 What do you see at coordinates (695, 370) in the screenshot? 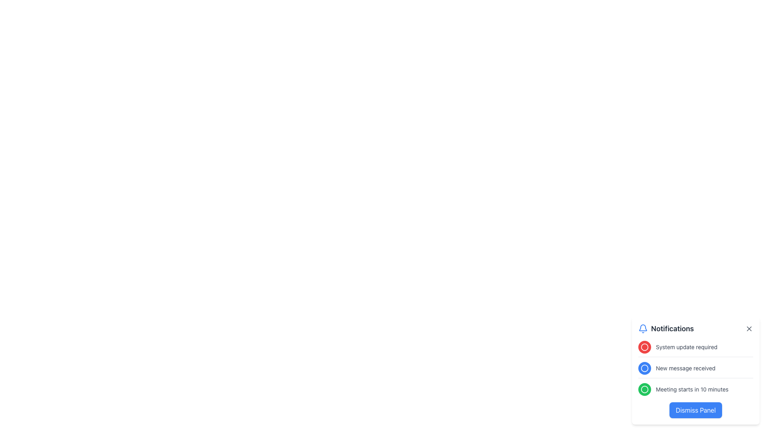
I see `the icon of the notification item that indicates 'New message received'` at bounding box center [695, 370].